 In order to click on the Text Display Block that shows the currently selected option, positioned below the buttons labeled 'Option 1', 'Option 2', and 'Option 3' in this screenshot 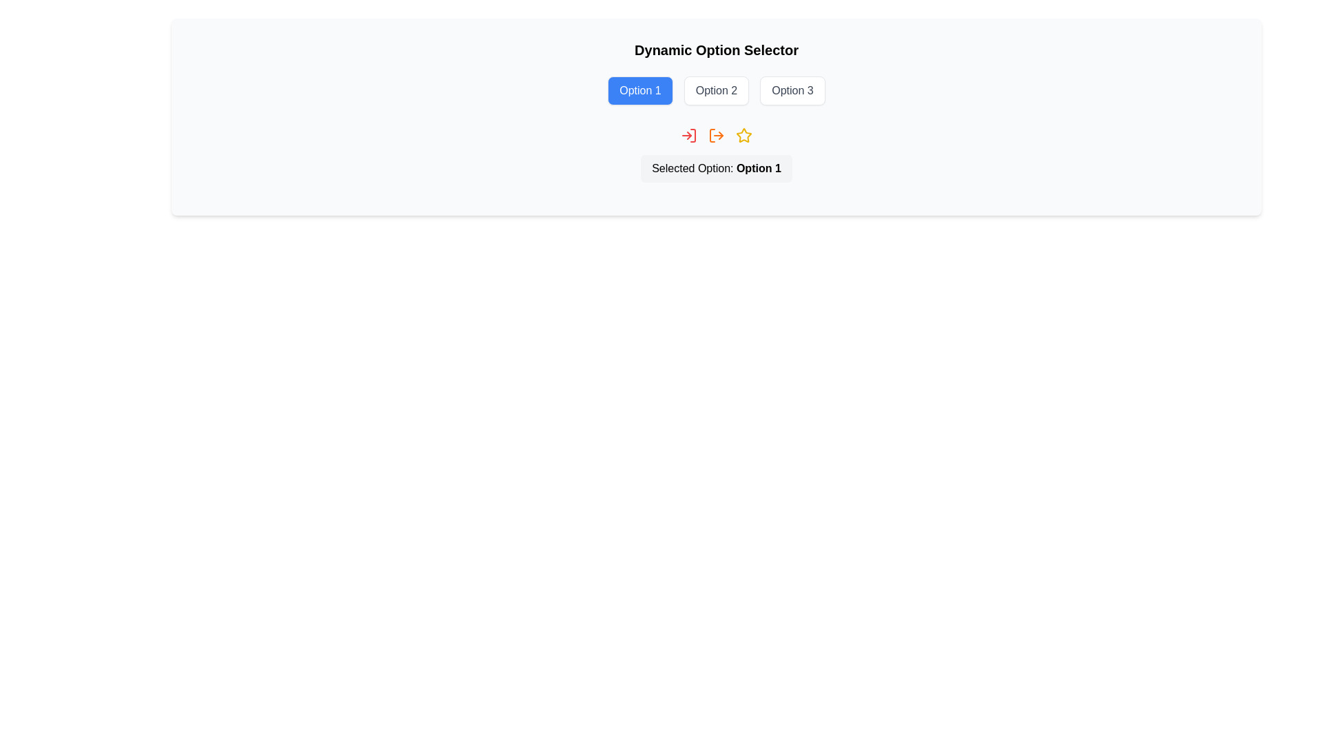, I will do `click(717, 168)`.